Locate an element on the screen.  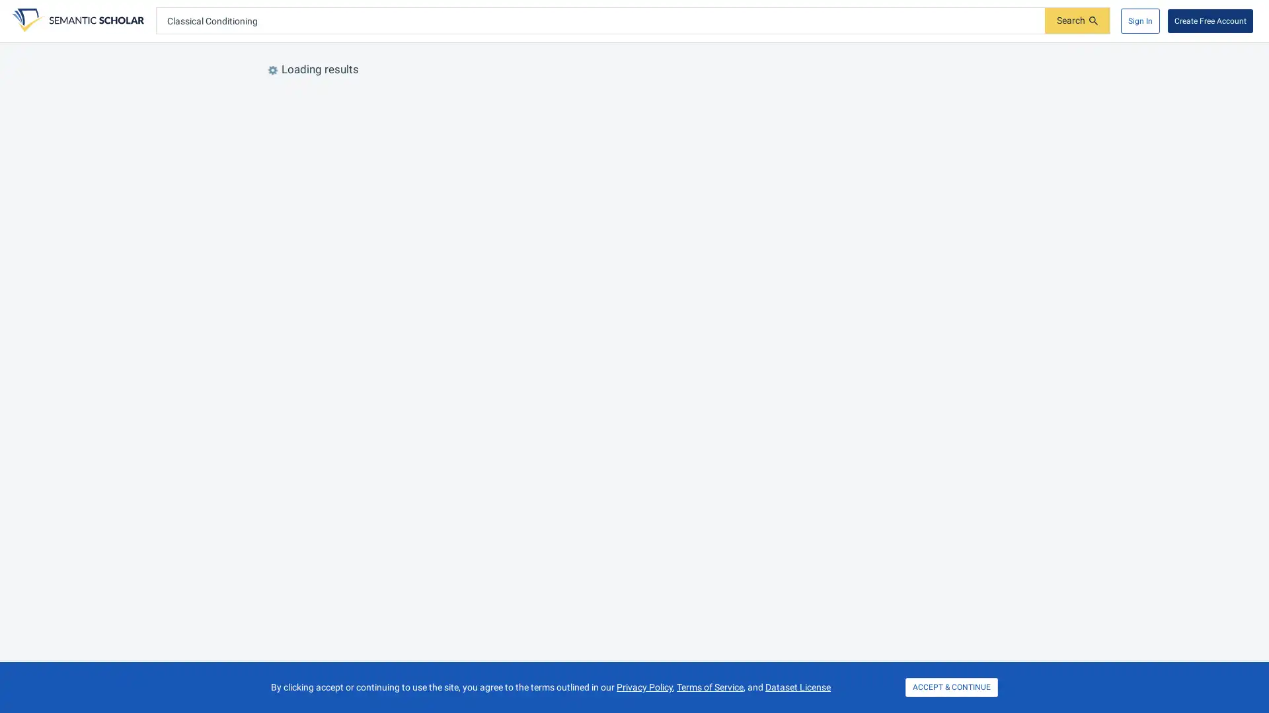
standard search results view is located at coordinates (974, 104).